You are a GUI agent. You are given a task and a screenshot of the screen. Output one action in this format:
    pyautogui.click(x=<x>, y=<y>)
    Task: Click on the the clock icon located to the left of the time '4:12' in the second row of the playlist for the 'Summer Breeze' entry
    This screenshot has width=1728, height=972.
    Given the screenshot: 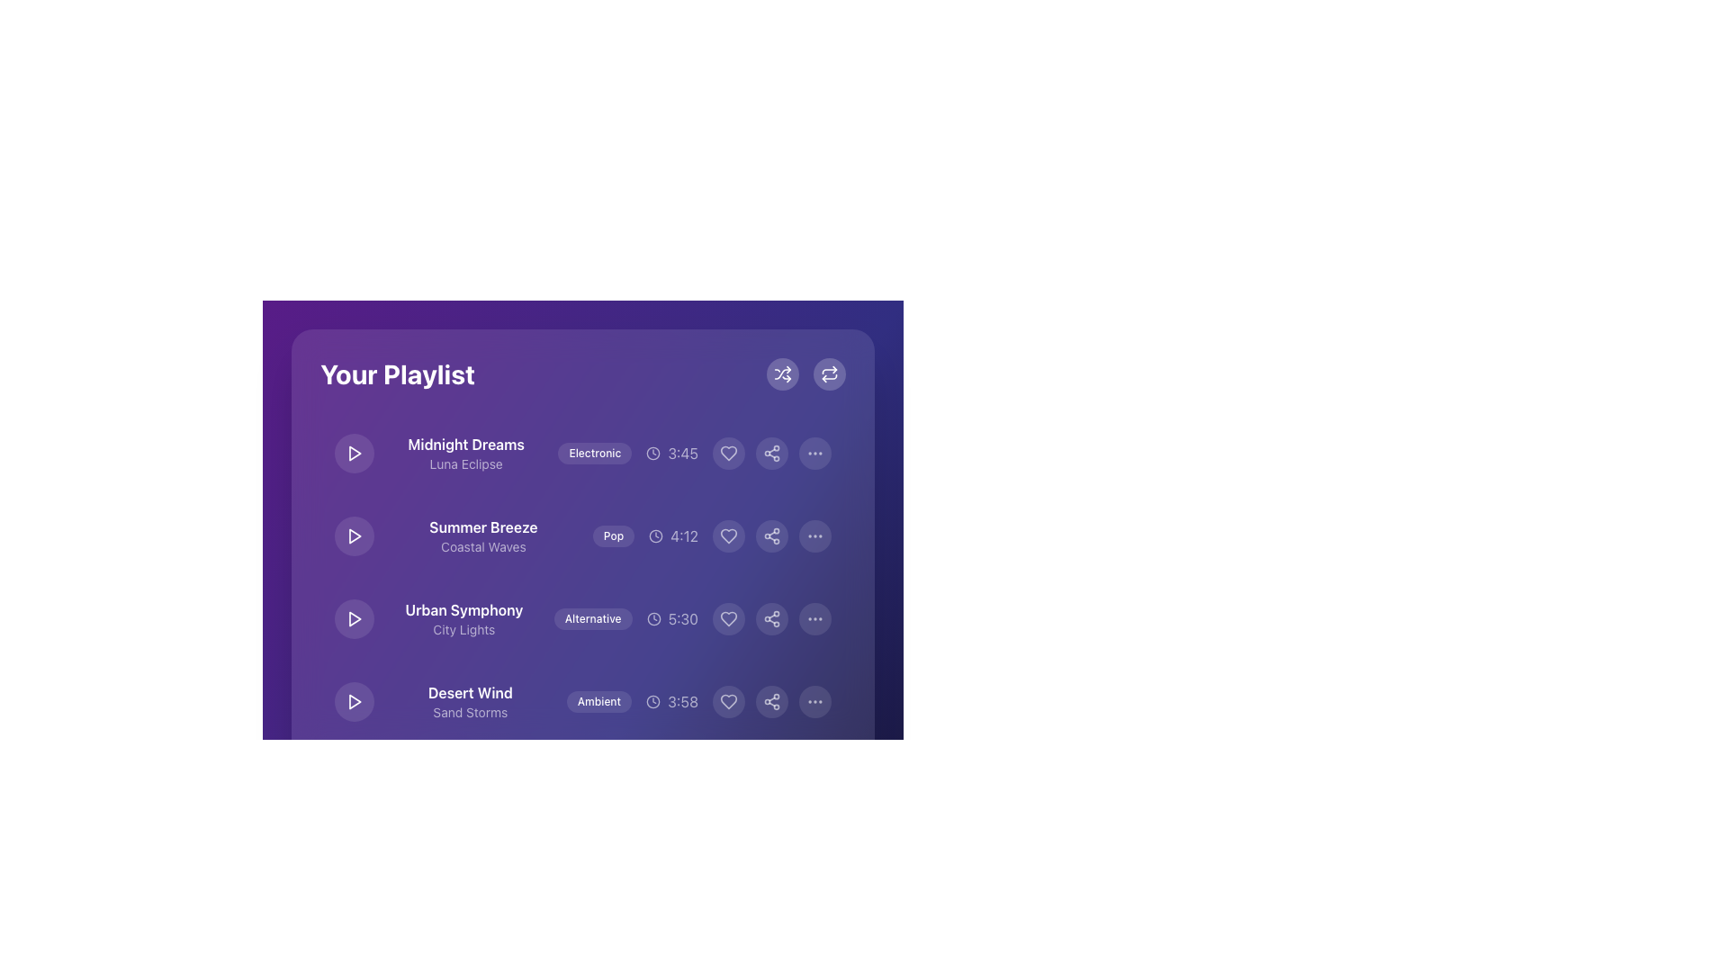 What is the action you would take?
    pyautogui.click(x=655, y=535)
    